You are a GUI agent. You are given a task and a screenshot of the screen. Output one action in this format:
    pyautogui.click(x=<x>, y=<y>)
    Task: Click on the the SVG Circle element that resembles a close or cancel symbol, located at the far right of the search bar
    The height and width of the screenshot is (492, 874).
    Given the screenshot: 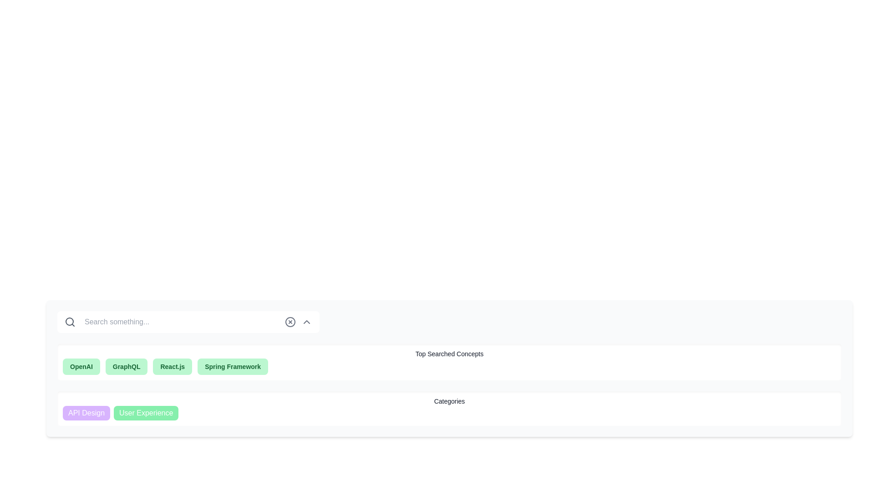 What is the action you would take?
    pyautogui.click(x=290, y=321)
    